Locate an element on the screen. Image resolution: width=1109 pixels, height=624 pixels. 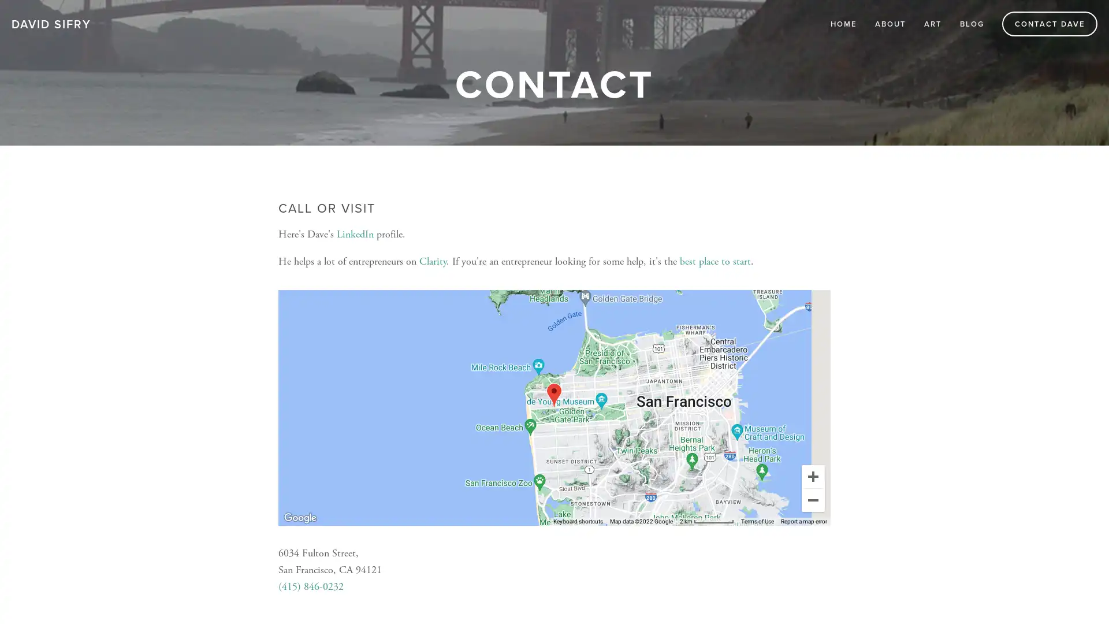
Zoom in is located at coordinates (812, 476).